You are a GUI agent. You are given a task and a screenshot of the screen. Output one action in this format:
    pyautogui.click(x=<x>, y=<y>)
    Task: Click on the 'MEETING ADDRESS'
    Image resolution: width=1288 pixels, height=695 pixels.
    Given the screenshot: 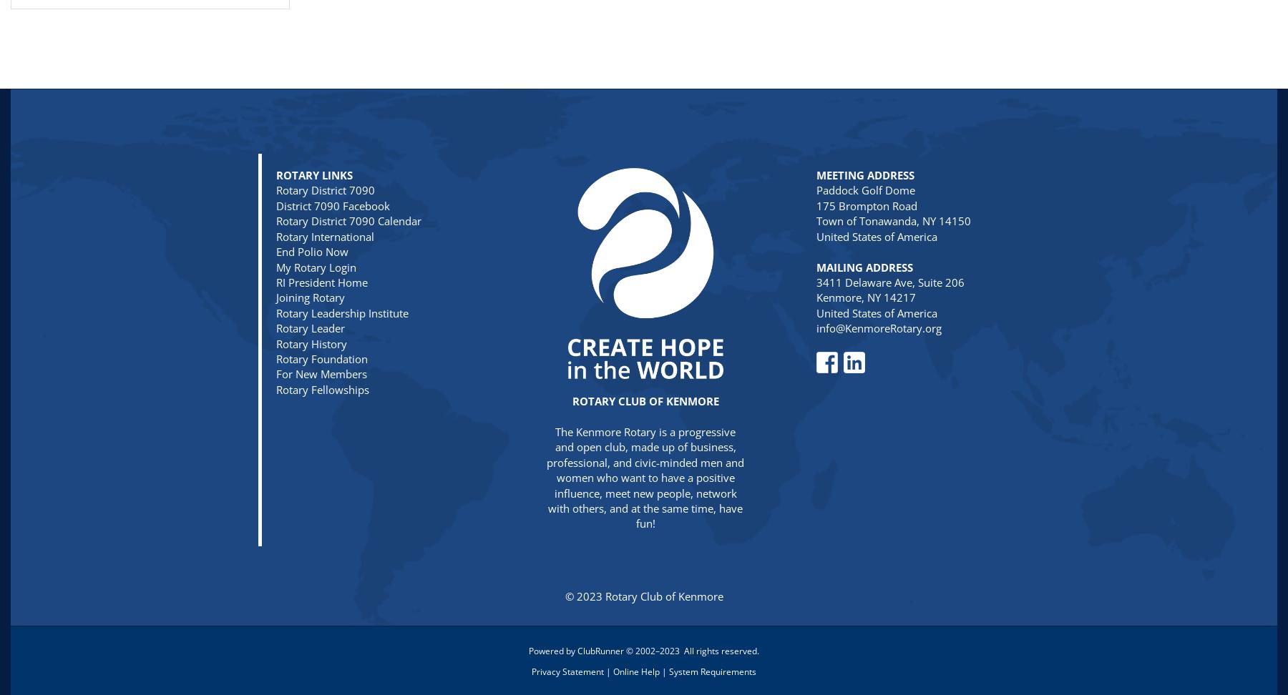 What is the action you would take?
    pyautogui.click(x=864, y=175)
    